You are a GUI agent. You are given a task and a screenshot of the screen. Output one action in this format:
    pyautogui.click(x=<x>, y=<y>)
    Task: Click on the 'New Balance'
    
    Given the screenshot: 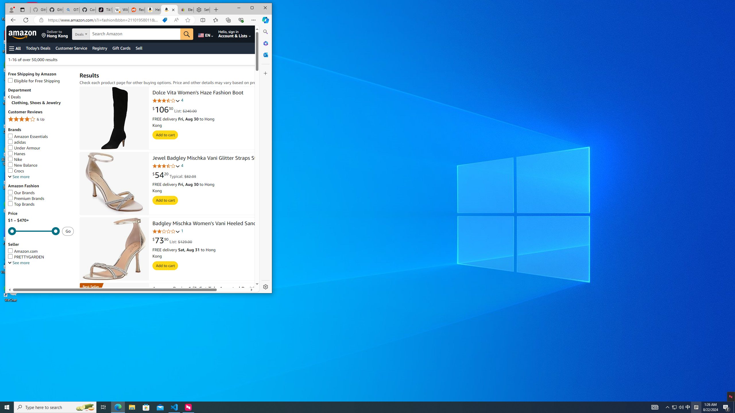 What is the action you would take?
    pyautogui.click(x=22, y=165)
    